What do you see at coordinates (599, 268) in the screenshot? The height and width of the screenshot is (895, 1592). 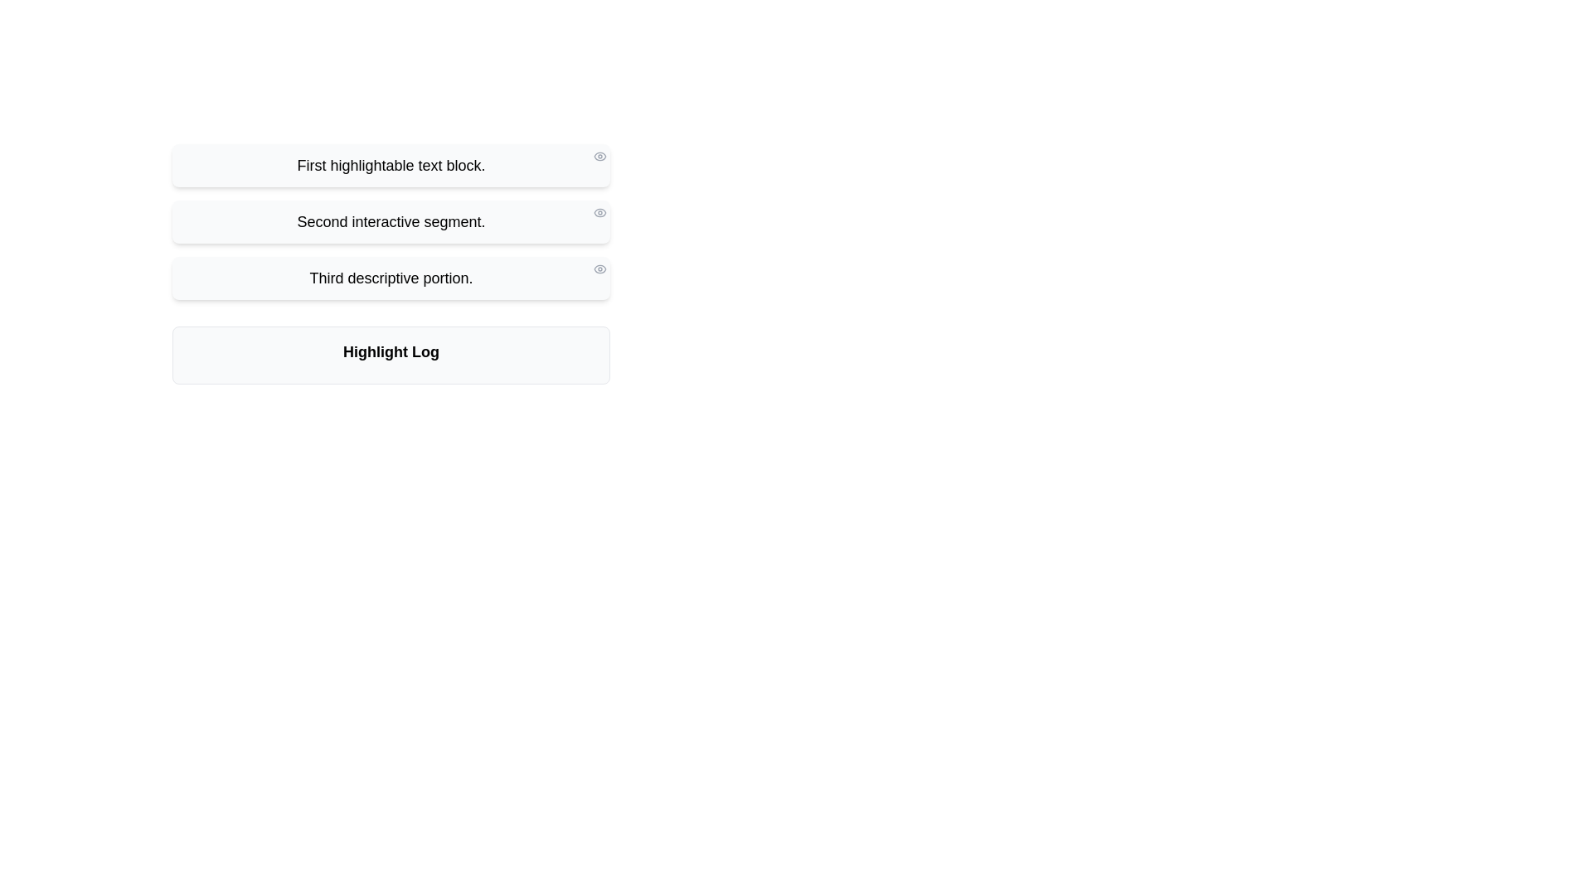 I see `the eye-shaped icon outlined in a circular design, located to the right of the label 'Third descriptive portion.'` at bounding box center [599, 268].